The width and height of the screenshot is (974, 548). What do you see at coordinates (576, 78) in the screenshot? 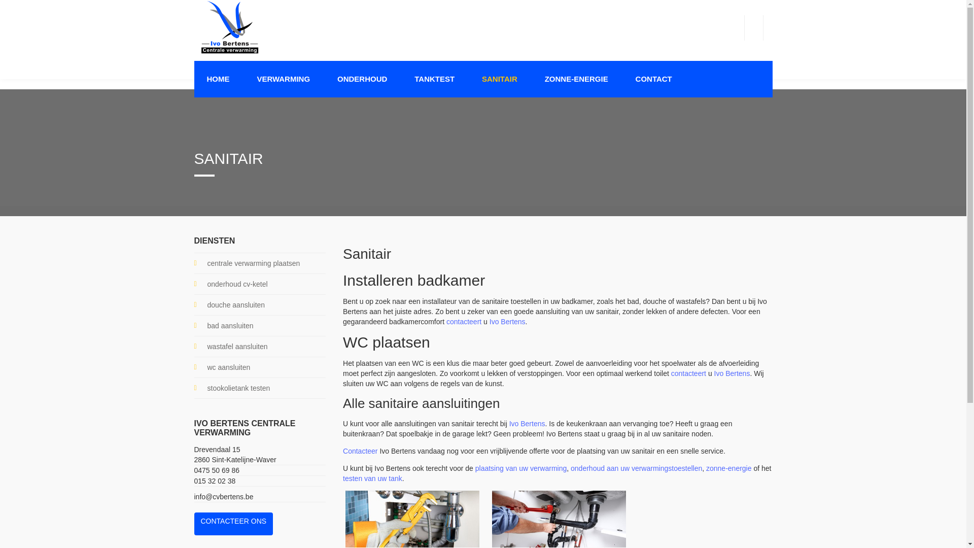
I see `'ZONNE-ENERGIE'` at bounding box center [576, 78].